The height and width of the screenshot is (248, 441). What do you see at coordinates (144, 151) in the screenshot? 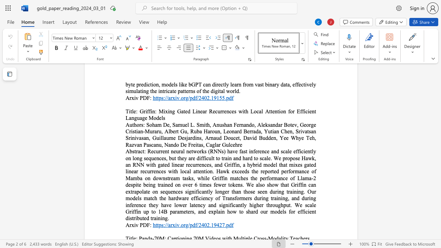
I see `the 1th character ":" in the text` at bounding box center [144, 151].